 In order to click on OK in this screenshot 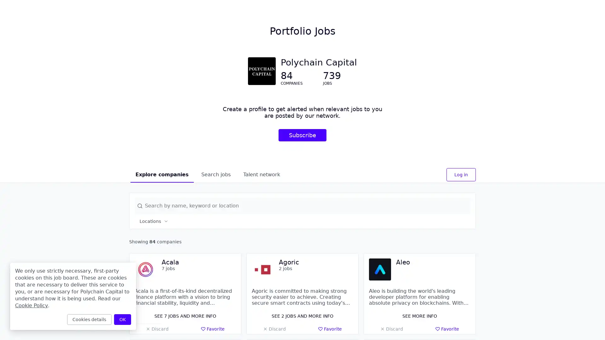, I will do `click(122, 319)`.